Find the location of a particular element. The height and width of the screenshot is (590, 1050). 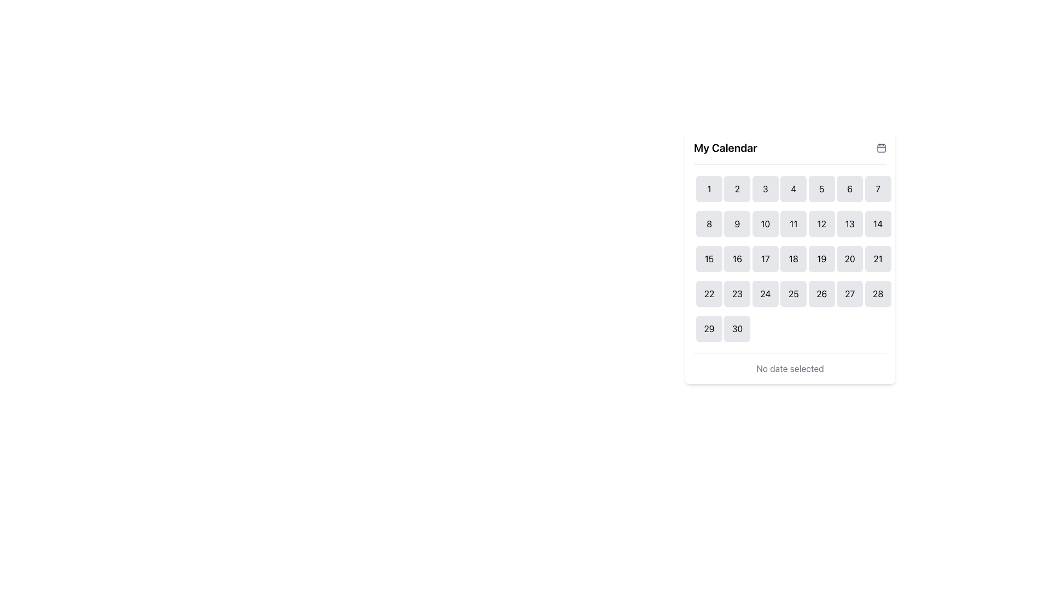

the selectable day button in the calendar view, which is the seventh item in the first row of a grid located in the top-right corner is located at coordinates (878, 188).